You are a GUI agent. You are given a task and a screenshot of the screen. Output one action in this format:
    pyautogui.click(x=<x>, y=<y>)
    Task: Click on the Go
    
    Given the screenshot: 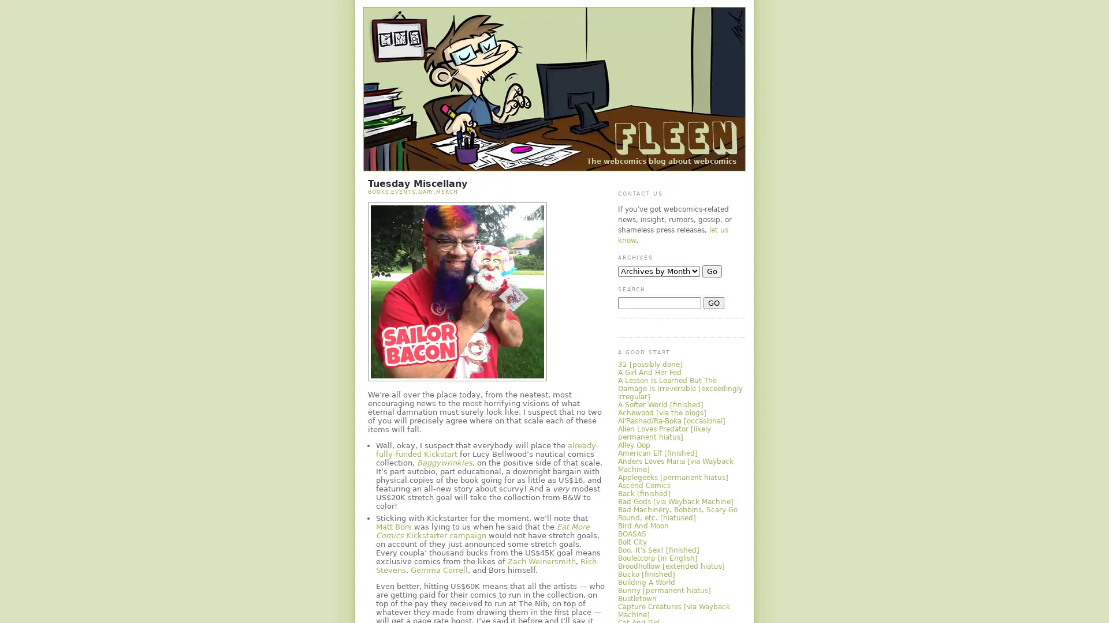 What is the action you would take?
    pyautogui.click(x=712, y=271)
    